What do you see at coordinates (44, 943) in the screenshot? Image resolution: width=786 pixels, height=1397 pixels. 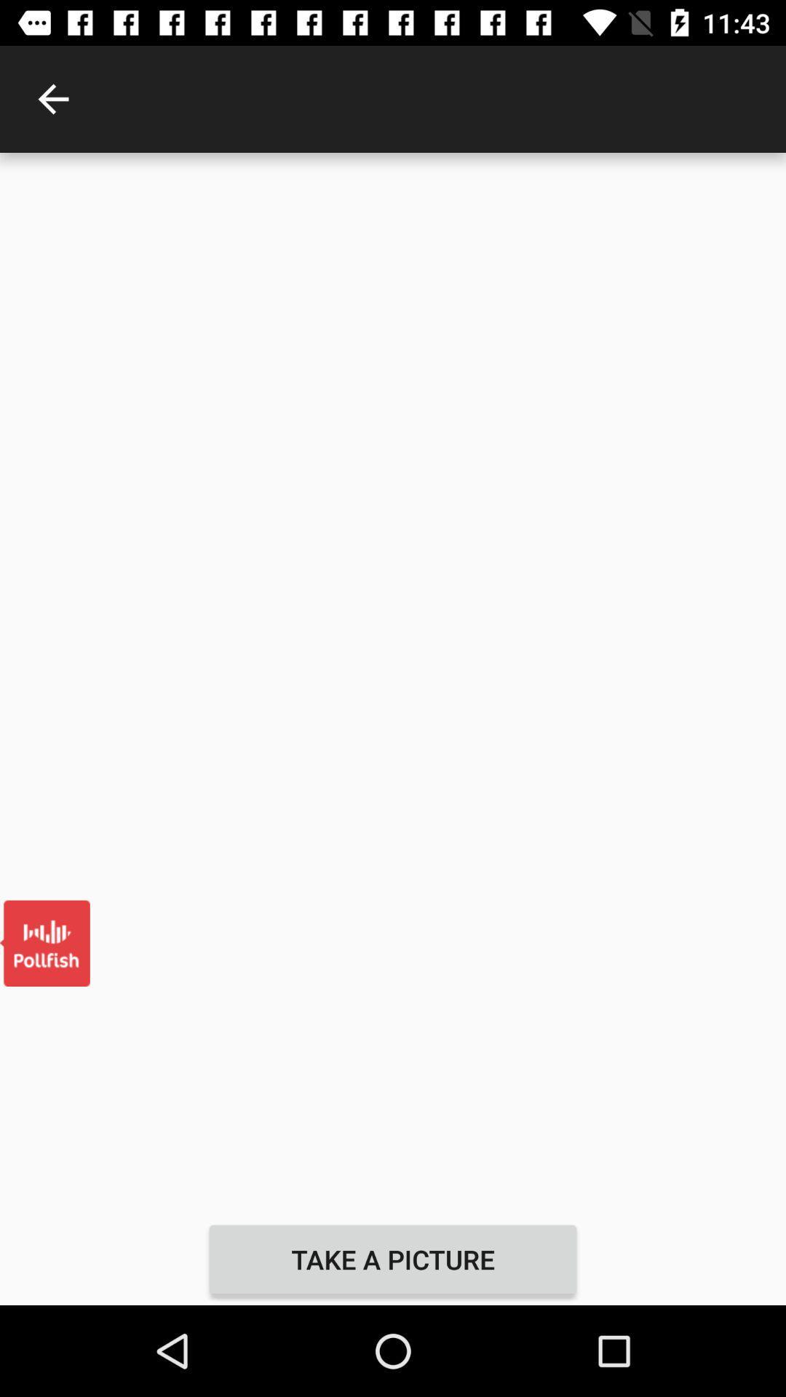 I see `button at the bottom left corner` at bounding box center [44, 943].